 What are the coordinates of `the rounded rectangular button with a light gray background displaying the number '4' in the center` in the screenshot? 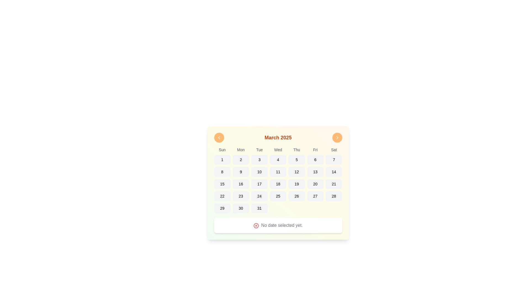 It's located at (278, 159).